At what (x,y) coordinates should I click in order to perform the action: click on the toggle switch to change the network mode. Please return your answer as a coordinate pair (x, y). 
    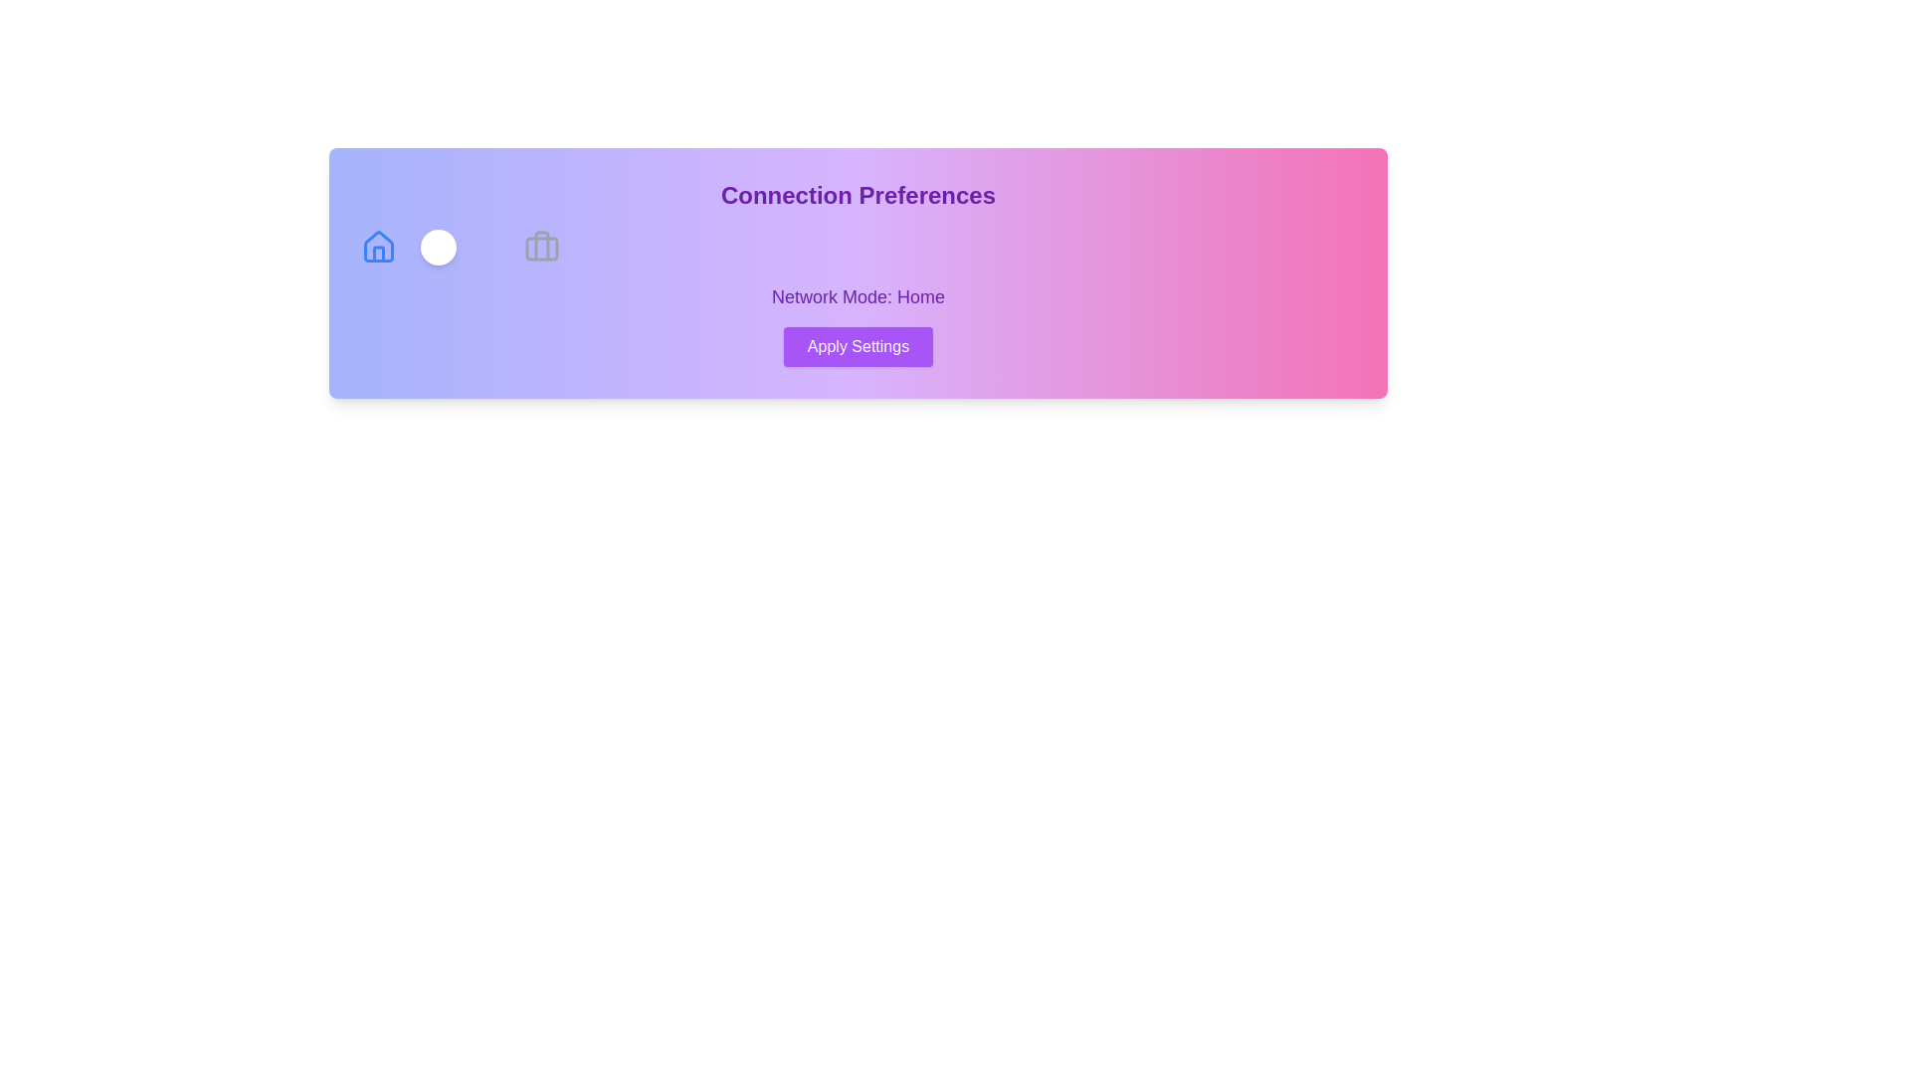
    Looking at the image, I should click on (459, 247).